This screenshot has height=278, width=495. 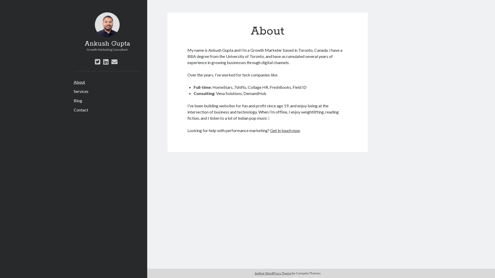 I want to click on 'Blog', so click(x=73, y=100).